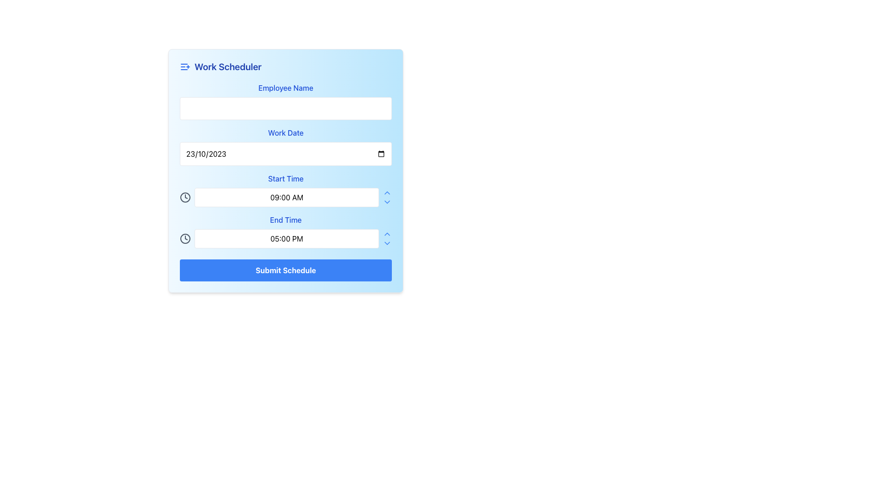 The image size is (881, 495). I want to click on the upward arrow button located to the right of the 'End Time' input box to increment the value in the associated input field, so click(387, 233).